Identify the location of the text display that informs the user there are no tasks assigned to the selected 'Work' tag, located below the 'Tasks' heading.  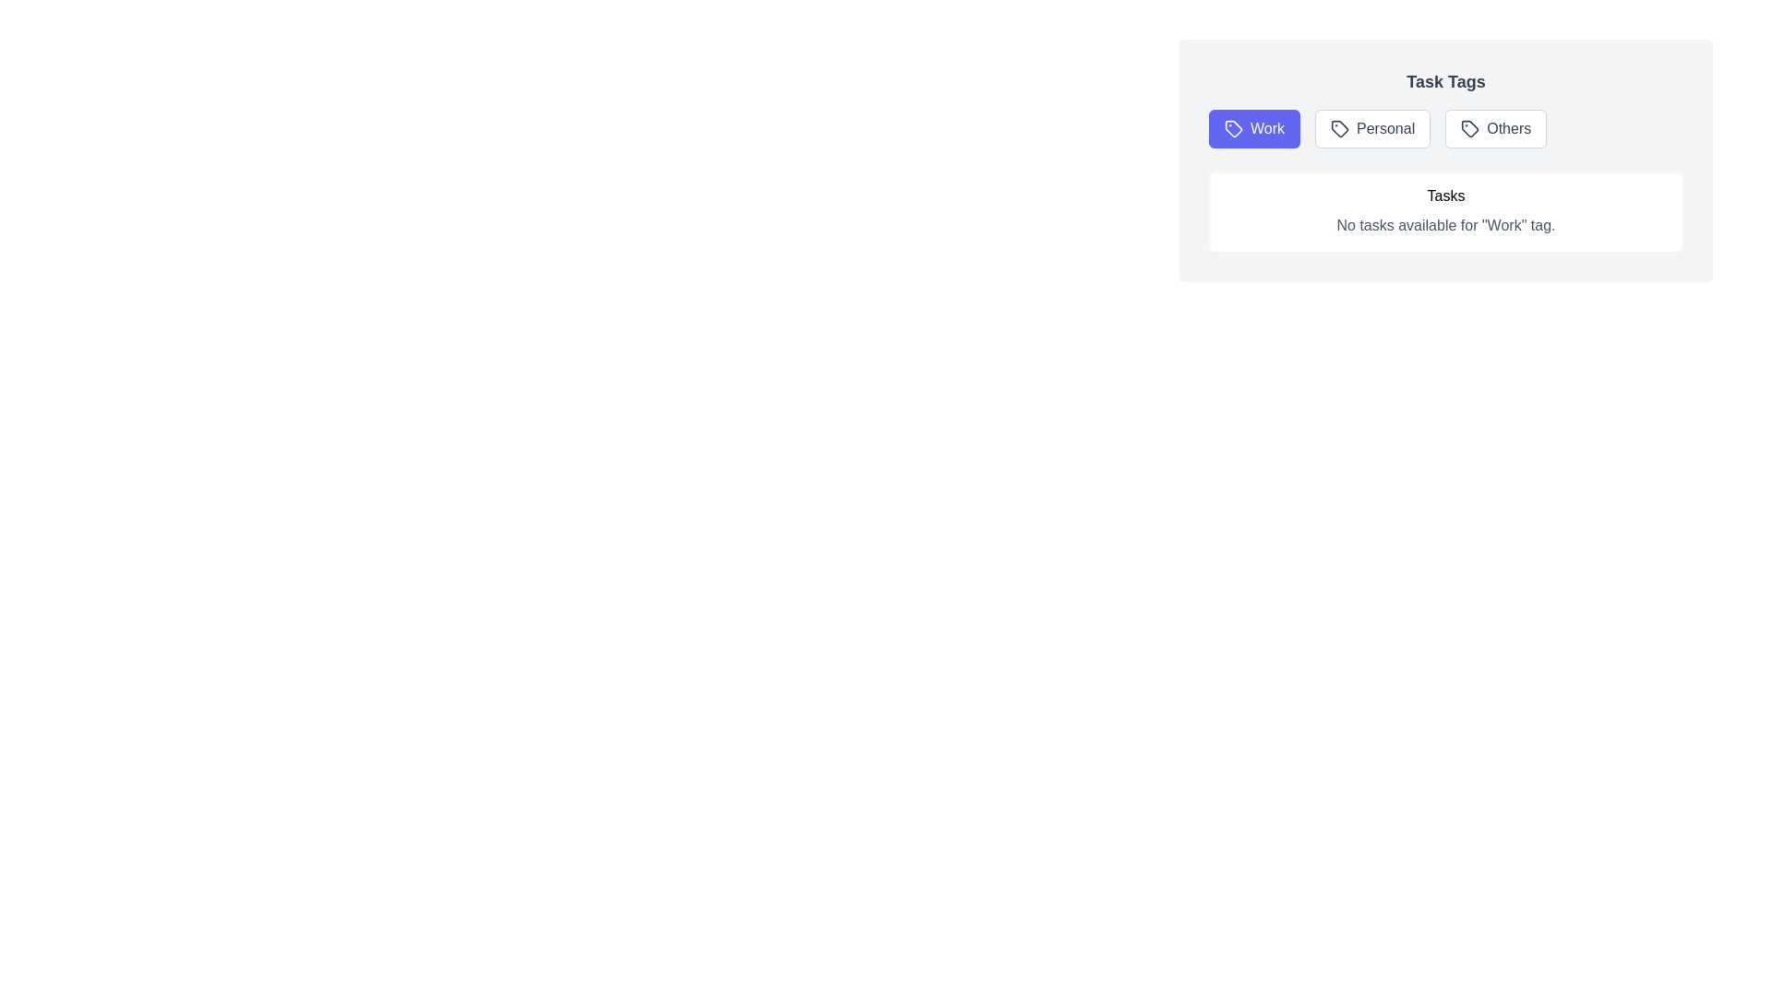
(1444, 225).